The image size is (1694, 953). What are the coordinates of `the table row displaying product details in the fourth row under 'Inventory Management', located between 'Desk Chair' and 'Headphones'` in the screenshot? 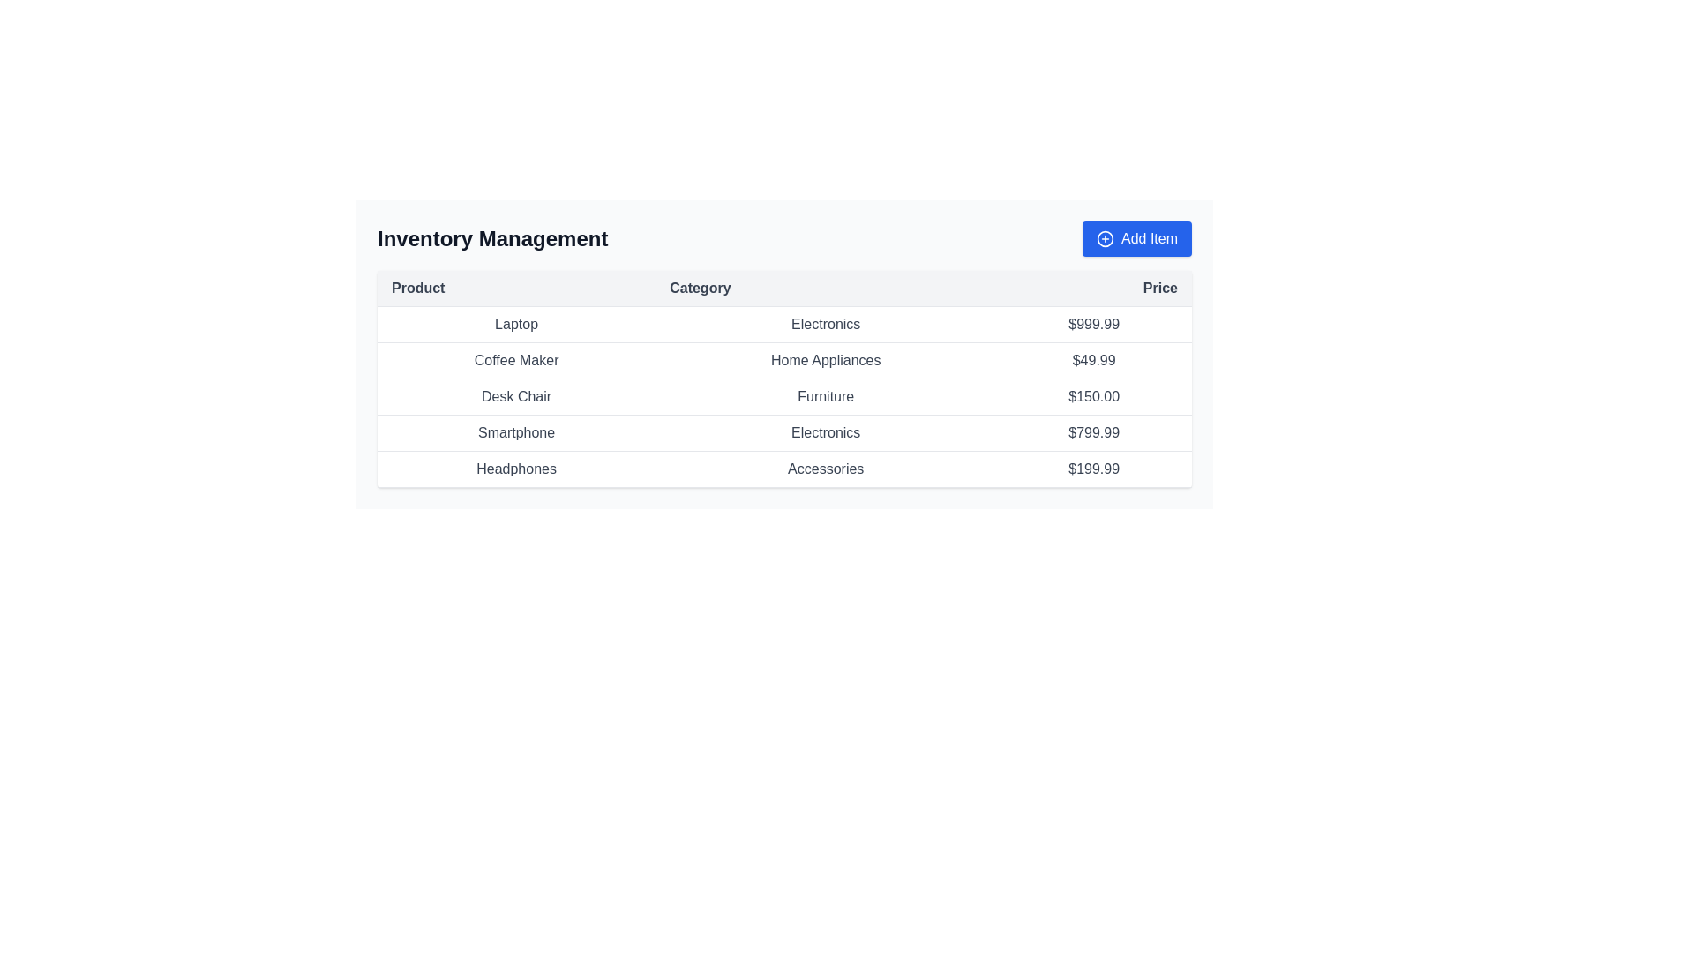 It's located at (783, 432).